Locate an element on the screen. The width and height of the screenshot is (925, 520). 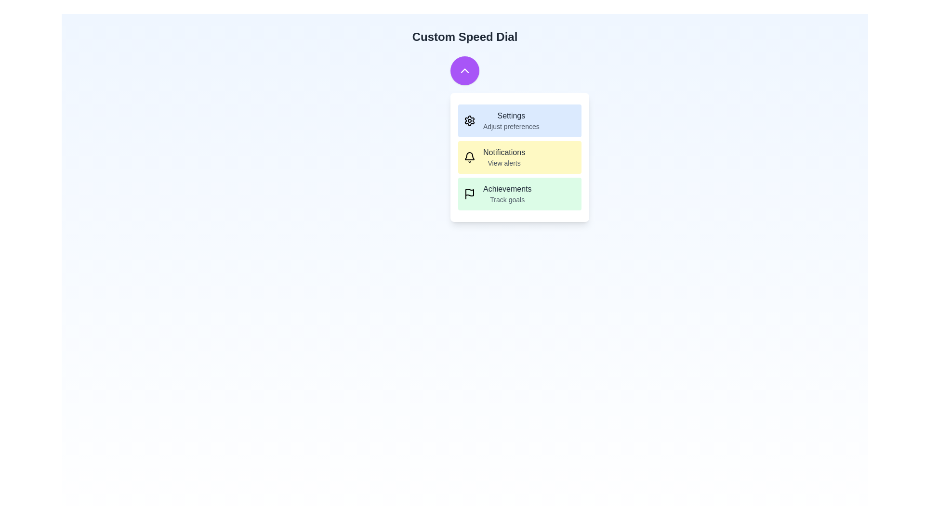
the action item Notifications to observe its hover effect is located at coordinates (519, 157).